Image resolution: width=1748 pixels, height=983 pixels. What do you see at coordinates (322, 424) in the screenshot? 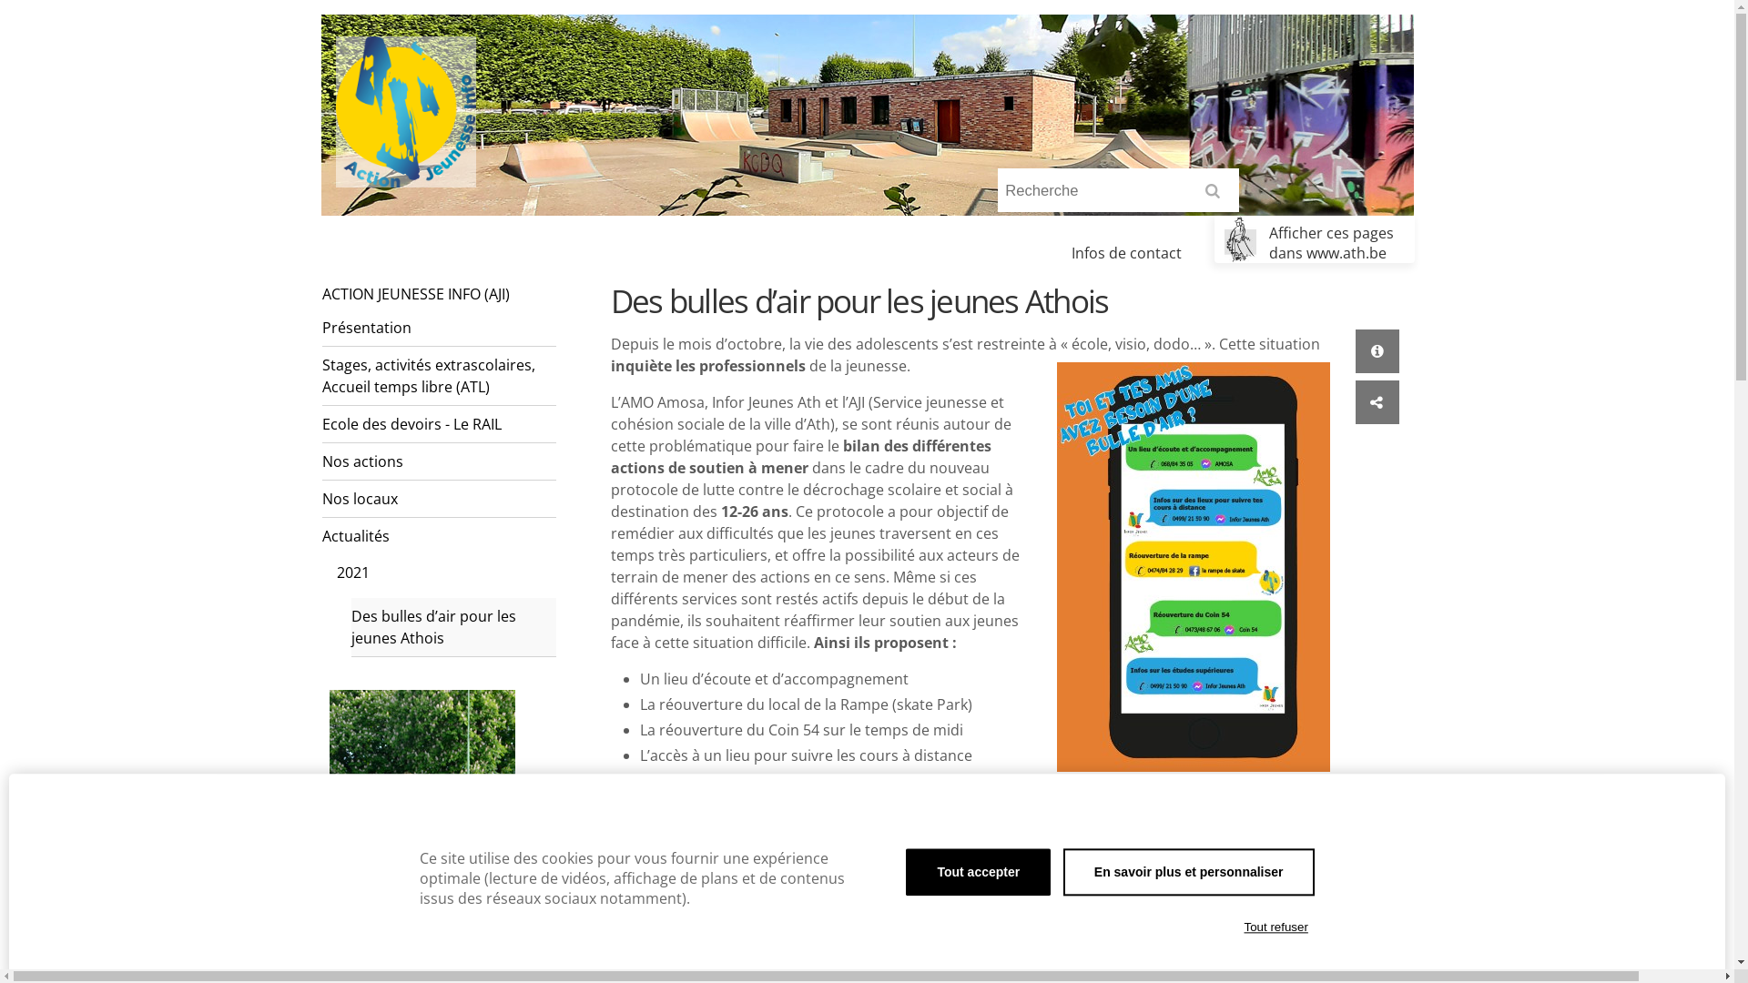
I see `'Ecole des devoirs - Le RAIL'` at bounding box center [322, 424].